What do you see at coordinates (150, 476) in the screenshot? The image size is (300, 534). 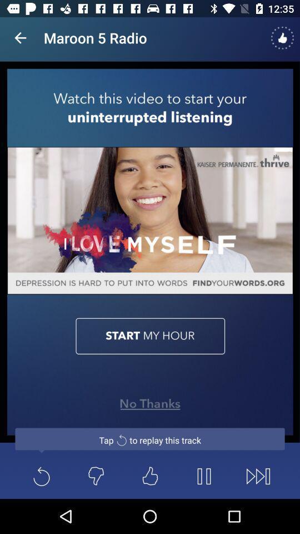 I see `the thumbs_up icon` at bounding box center [150, 476].